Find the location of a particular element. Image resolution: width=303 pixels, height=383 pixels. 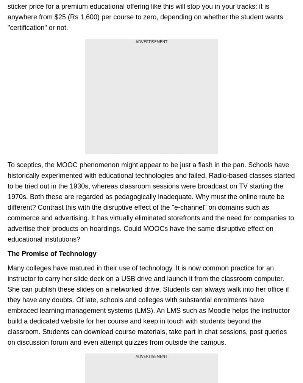

'BT-TR GCC Listing' is located at coordinates (8, 98).